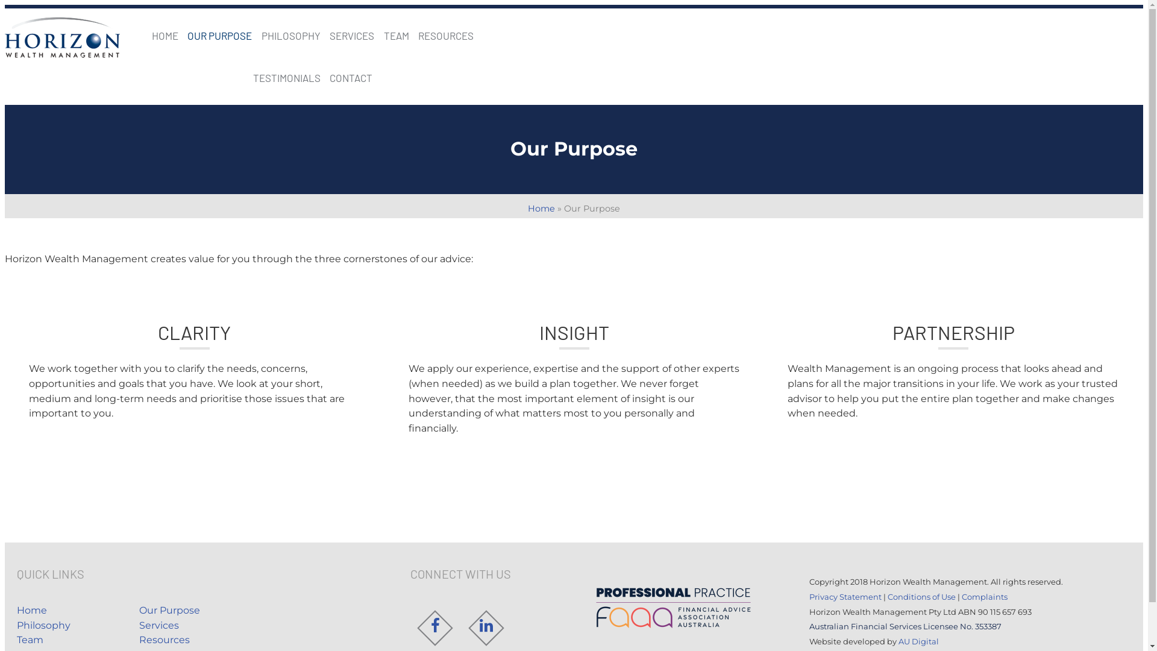  I want to click on 'Team', so click(30, 639).